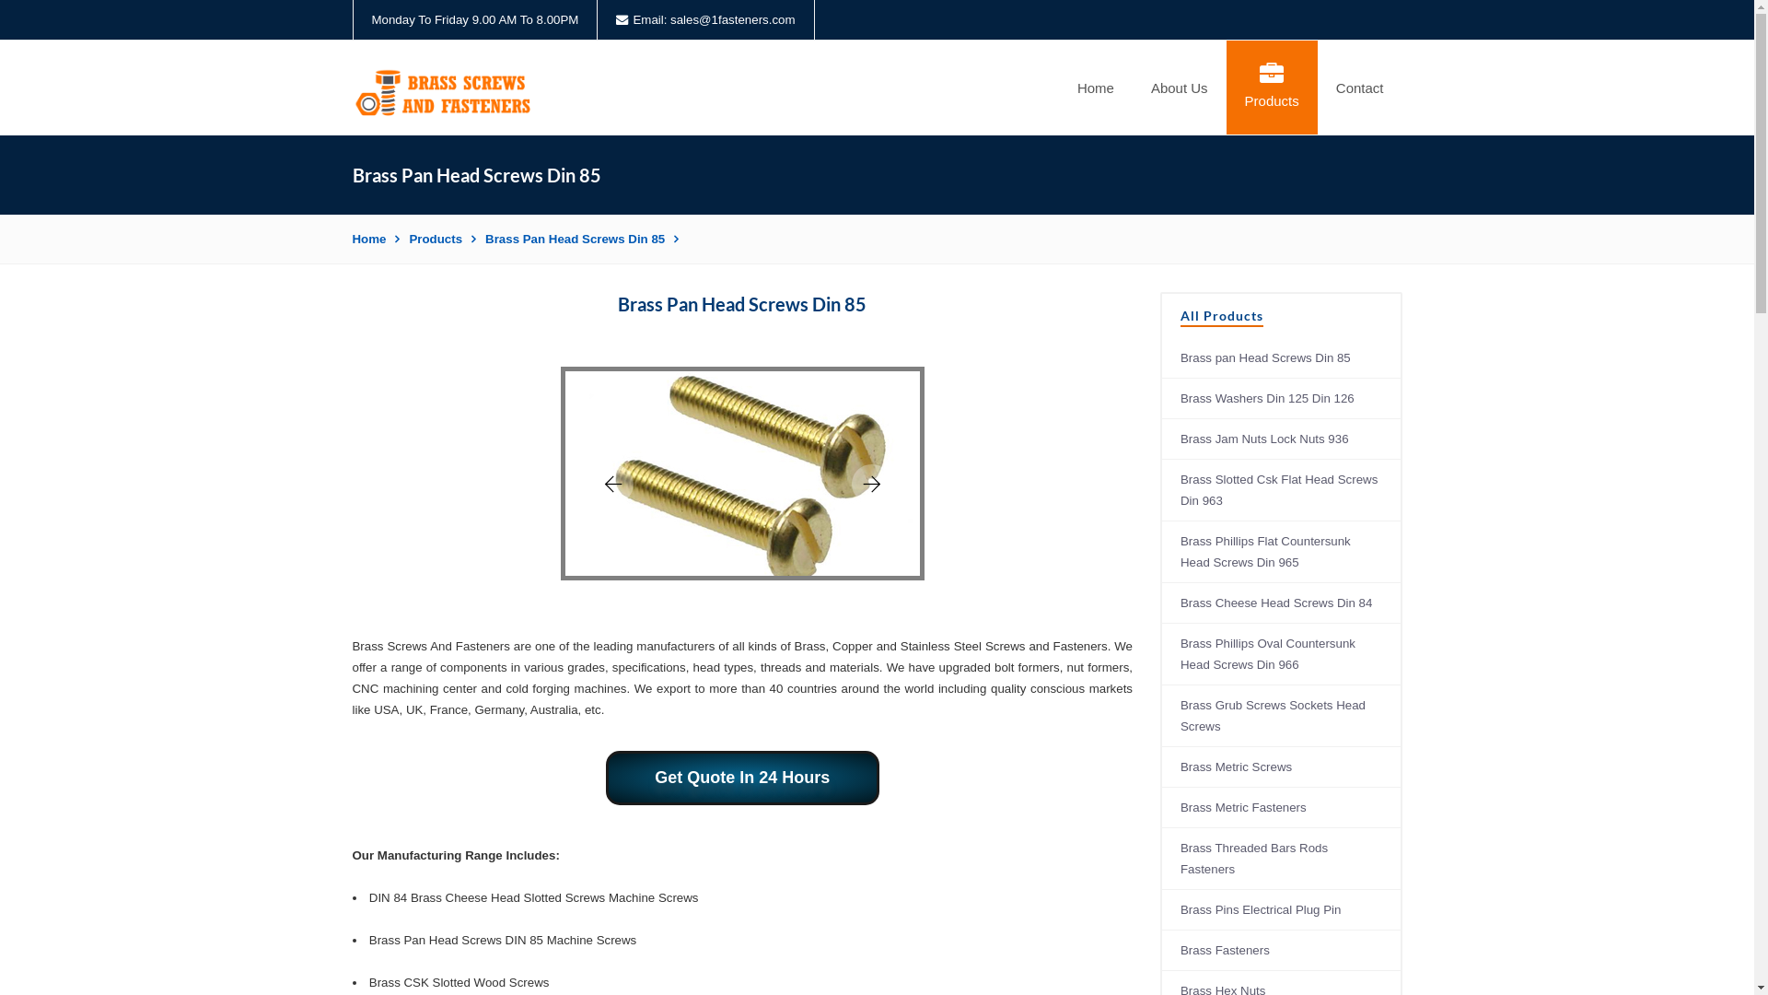 The height and width of the screenshot is (995, 1768). What do you see at coordinates (375, 238) in the screenshot?
I see `'Home'` at bounding box center [375, 238].